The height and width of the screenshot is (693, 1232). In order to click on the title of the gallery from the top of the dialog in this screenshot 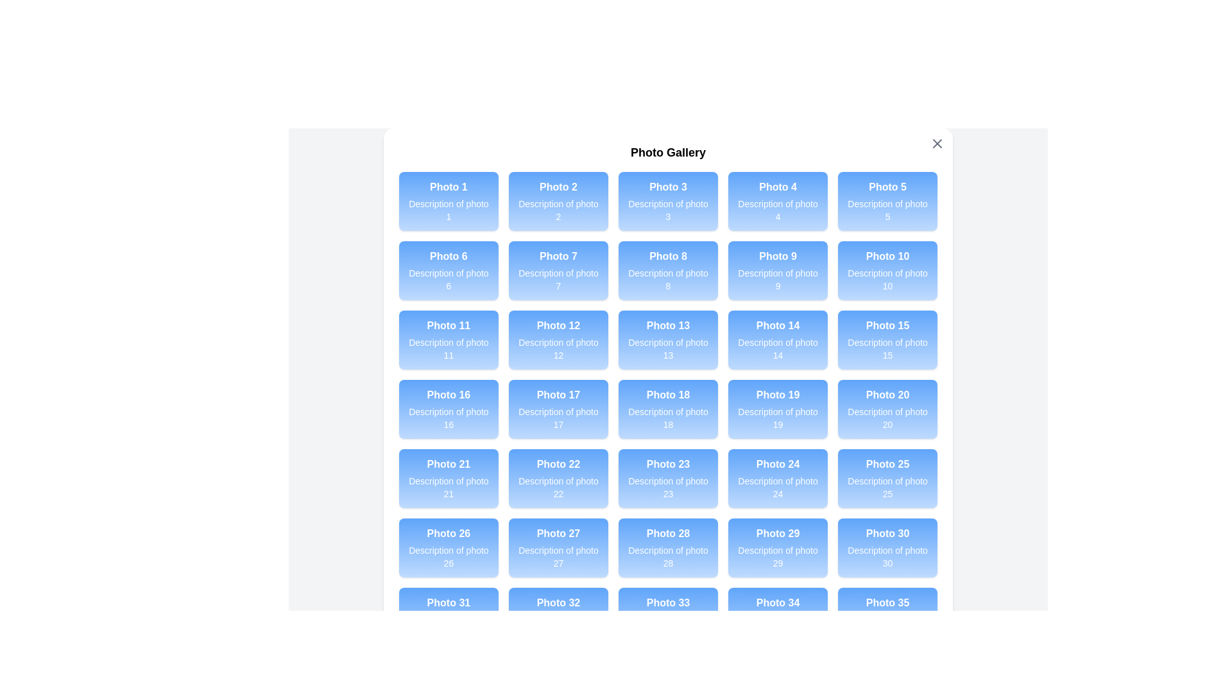, I will do `click(667, 152)`.